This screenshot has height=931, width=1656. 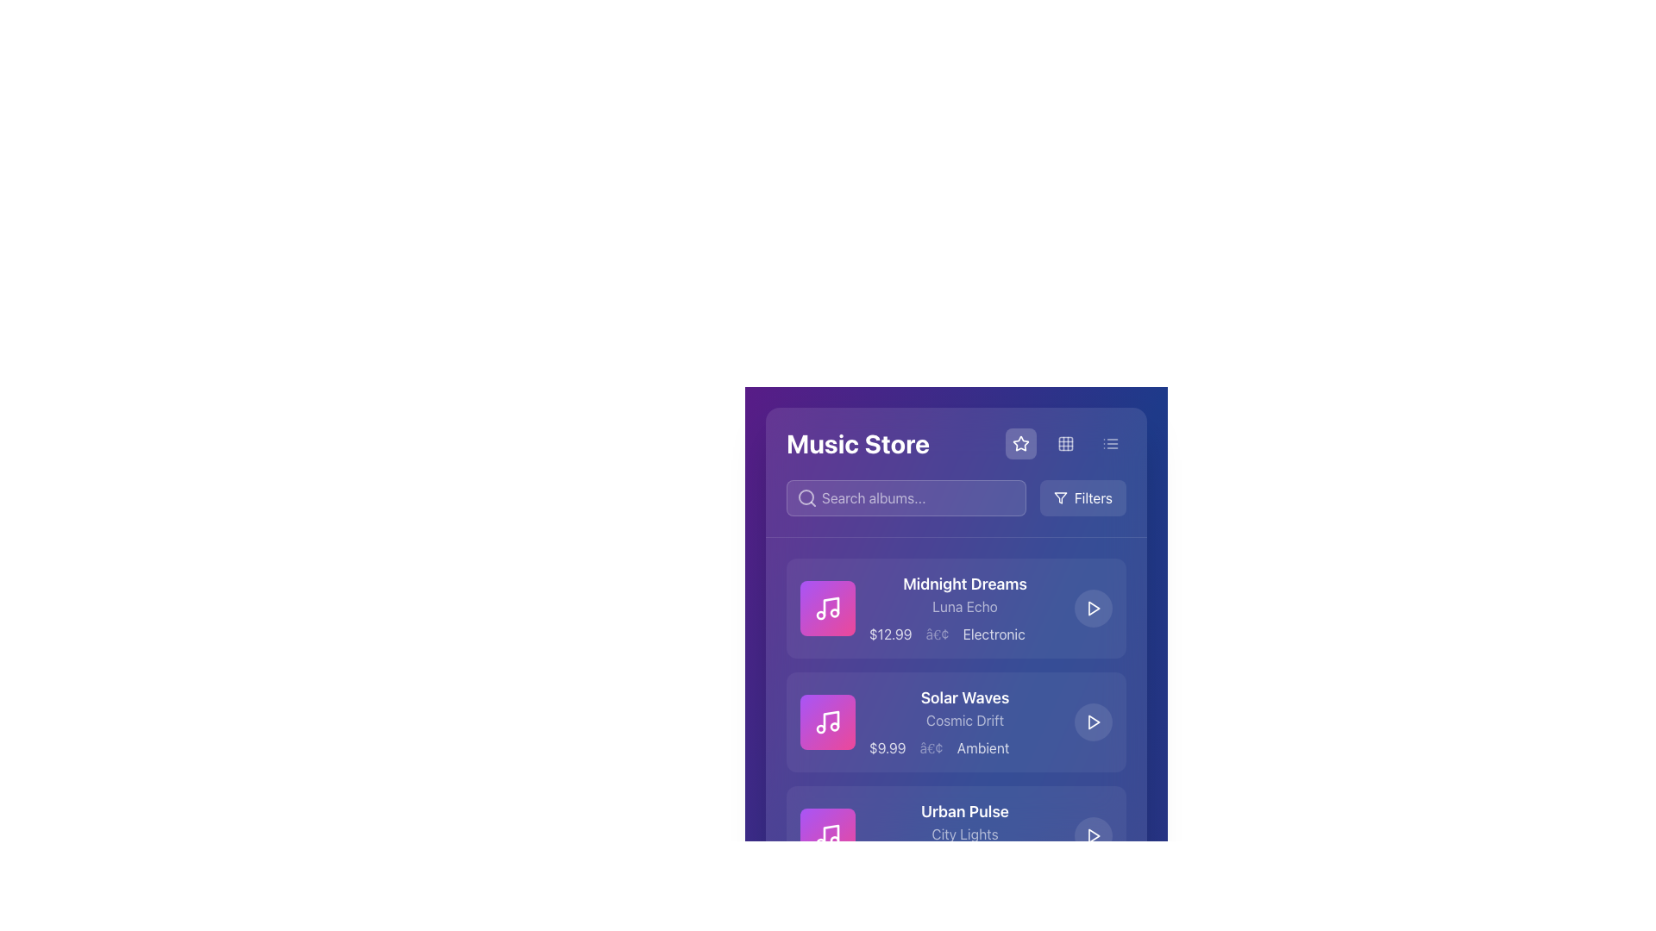 I want to click on the first music listing card in the store UI, so click(x=955, y=607).